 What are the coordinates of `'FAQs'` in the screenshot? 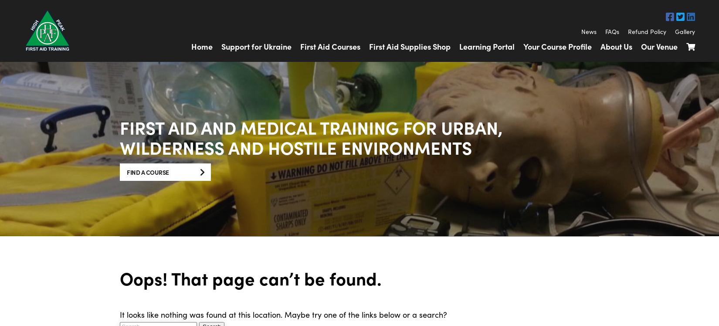 It's located at (611, 30).